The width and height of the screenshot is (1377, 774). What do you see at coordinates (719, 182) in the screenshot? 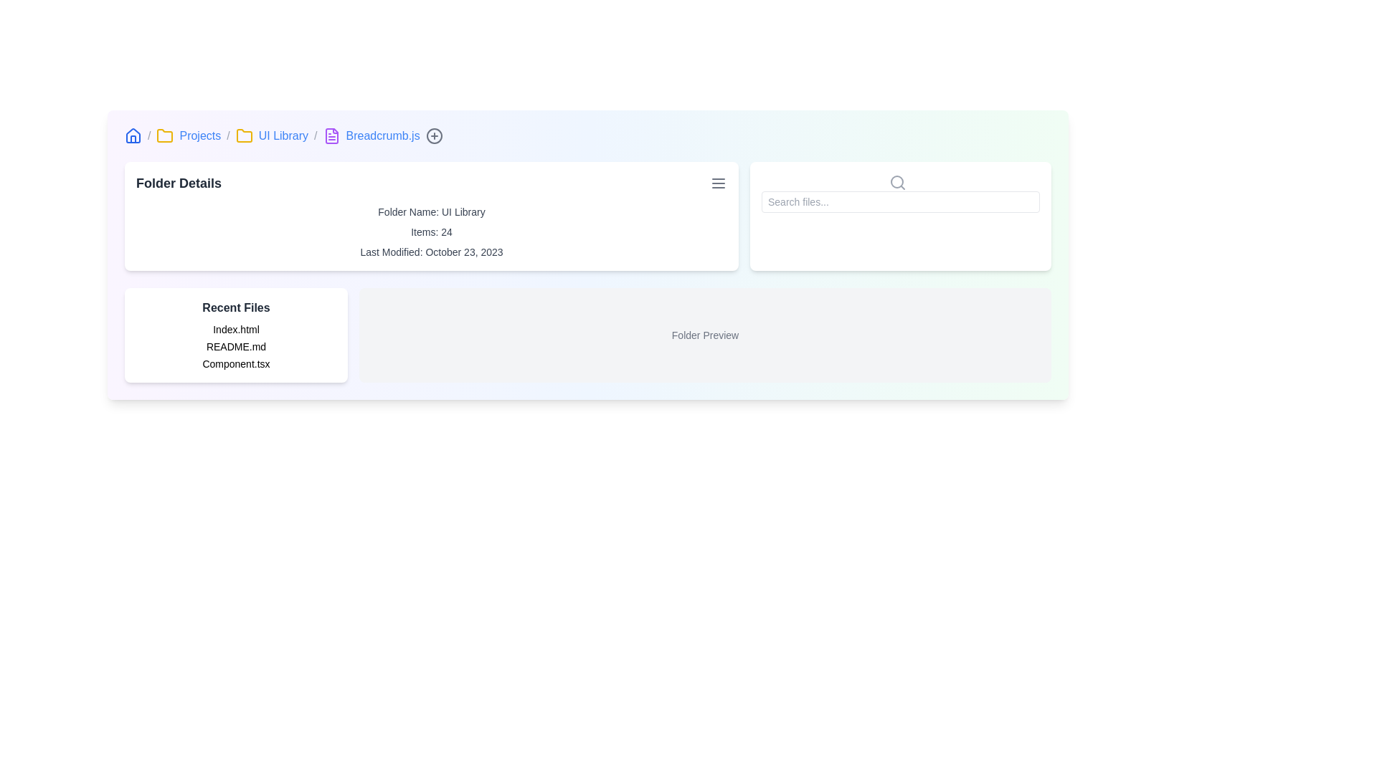
I see `the icon button that resembles a hamburger menu, which is gray and positioned to the far right of the 'Folder Details' header` at bounding box center [719, 182].